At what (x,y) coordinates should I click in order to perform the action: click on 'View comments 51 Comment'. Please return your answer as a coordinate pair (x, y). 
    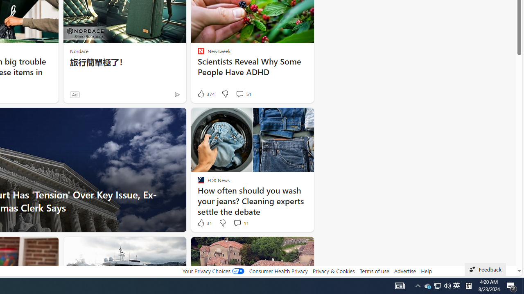
    Looking at the image, I should click on (243, 94).